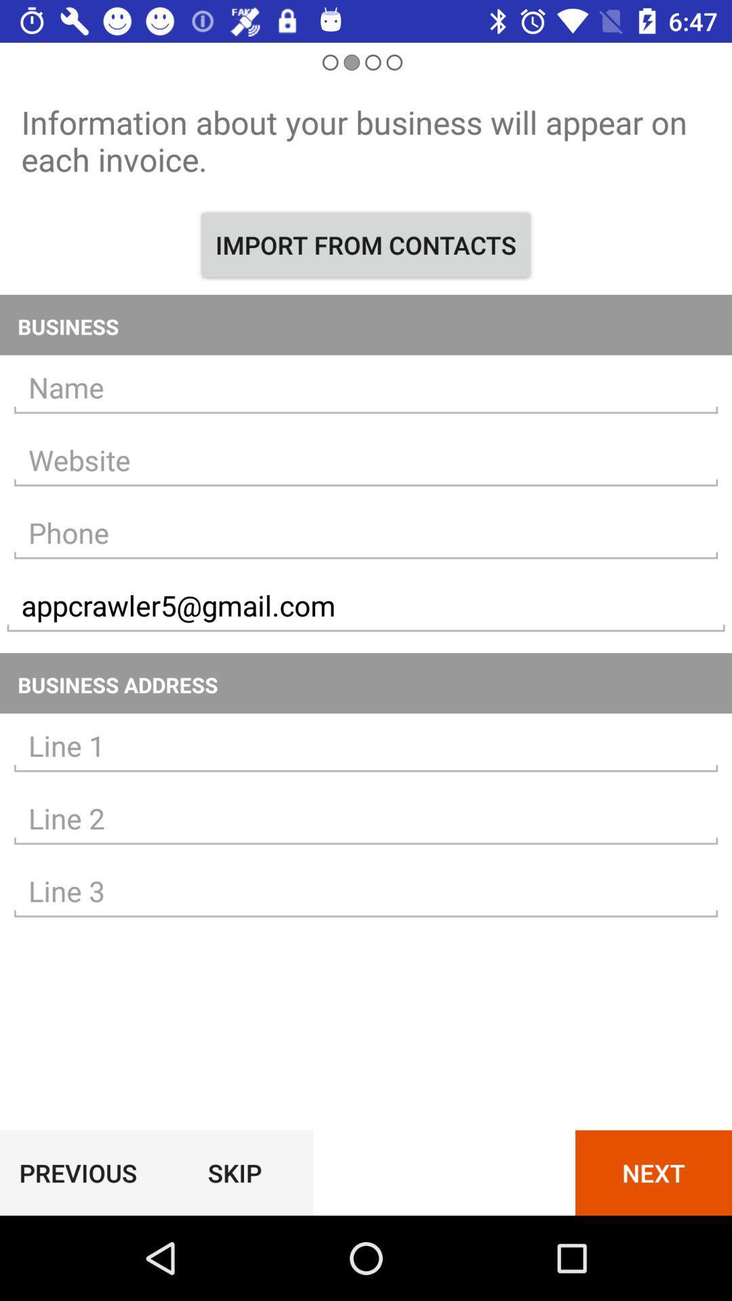 The width and height of the screenshot is (732, 1301). What do you see at coordinates (366, 891) in the screenshot?
I see `the icon above the previous` at bounding box center [366, 891].